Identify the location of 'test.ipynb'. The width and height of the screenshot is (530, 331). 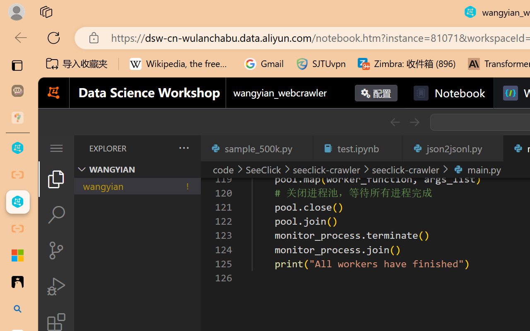
(358, 148).